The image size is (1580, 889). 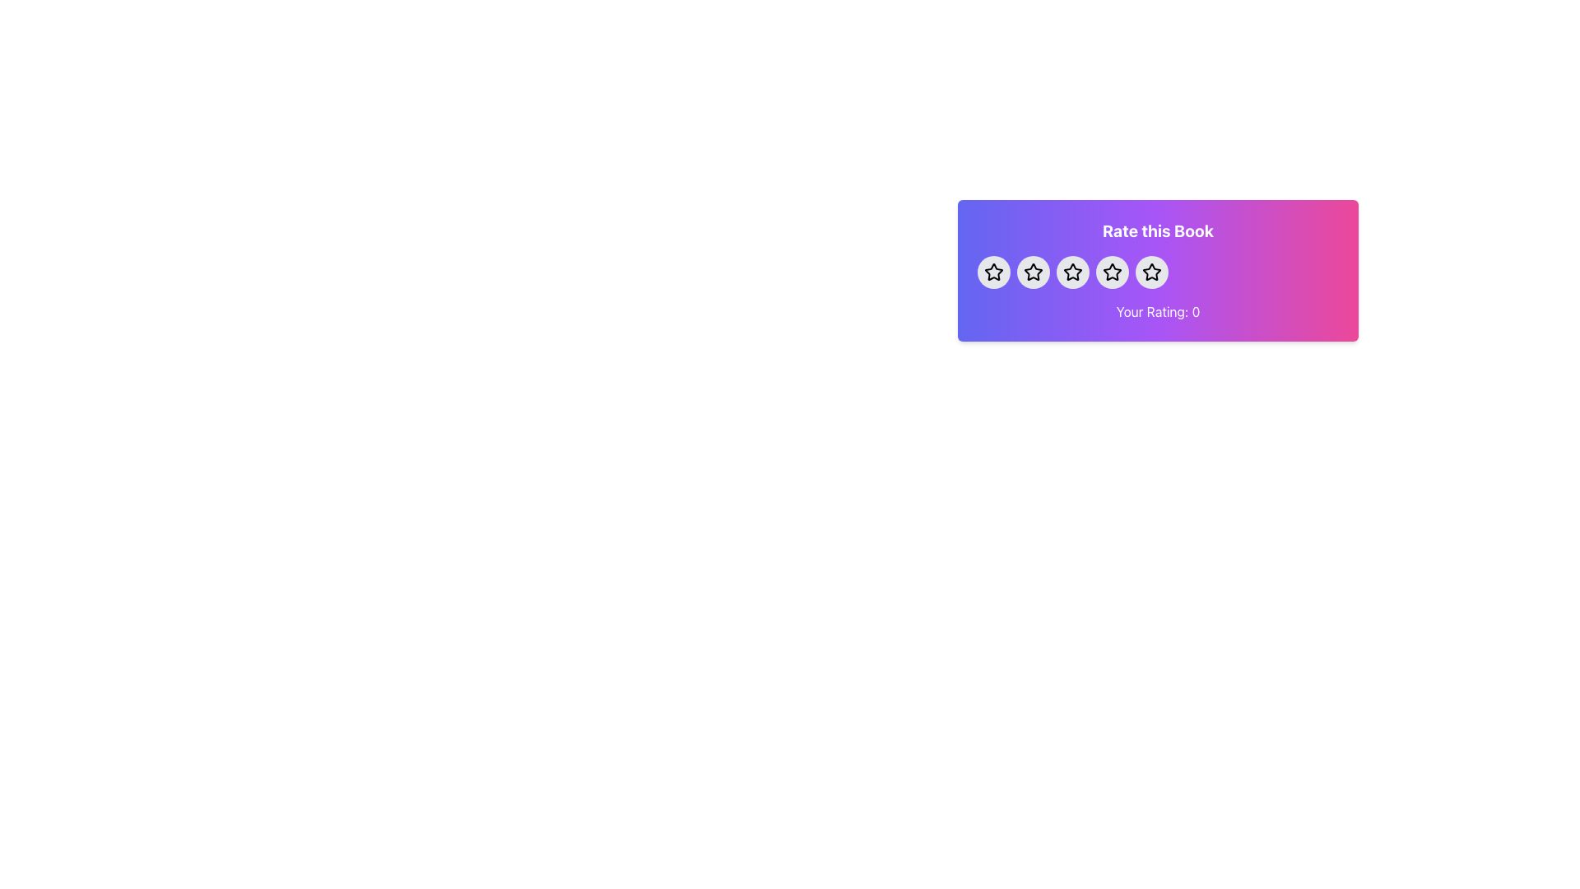 I want to click on the first star icon within the rating button, which is positioned to the left of a group of five similar star icons, so click(x=993, y=272).